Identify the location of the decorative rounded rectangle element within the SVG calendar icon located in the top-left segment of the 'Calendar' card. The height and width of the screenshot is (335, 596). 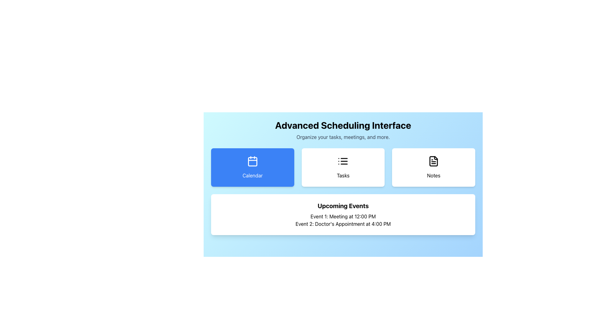
(252, 161).